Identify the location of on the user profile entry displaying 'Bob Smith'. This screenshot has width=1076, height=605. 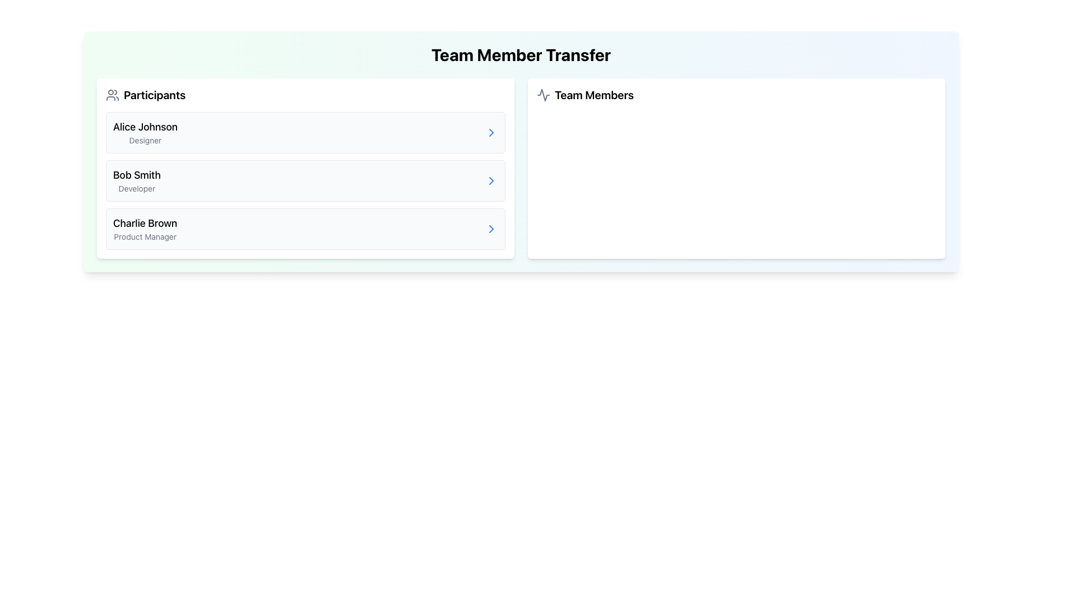
(136, 180).